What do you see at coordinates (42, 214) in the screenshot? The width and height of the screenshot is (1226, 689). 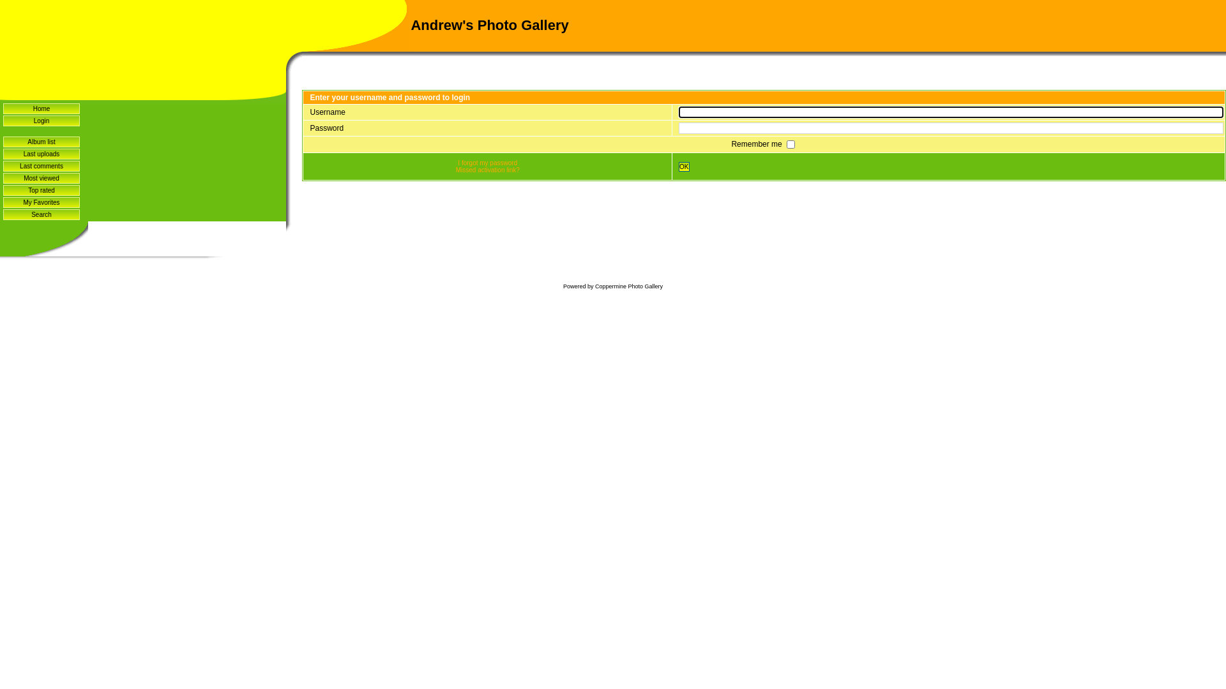 I see `'Search'` at bounding box center [42, 214].